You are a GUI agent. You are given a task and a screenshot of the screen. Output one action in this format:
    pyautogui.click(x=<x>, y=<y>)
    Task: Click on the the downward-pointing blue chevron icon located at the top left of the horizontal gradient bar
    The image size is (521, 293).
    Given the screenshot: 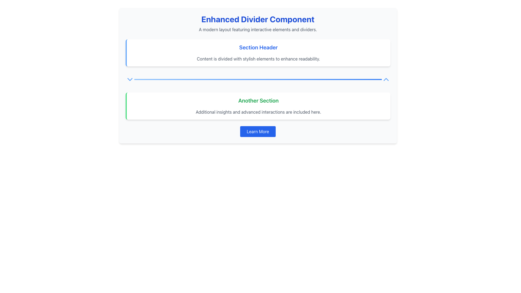 What is the action you would take?
    pyautogui.click(x=129, y=79)
    